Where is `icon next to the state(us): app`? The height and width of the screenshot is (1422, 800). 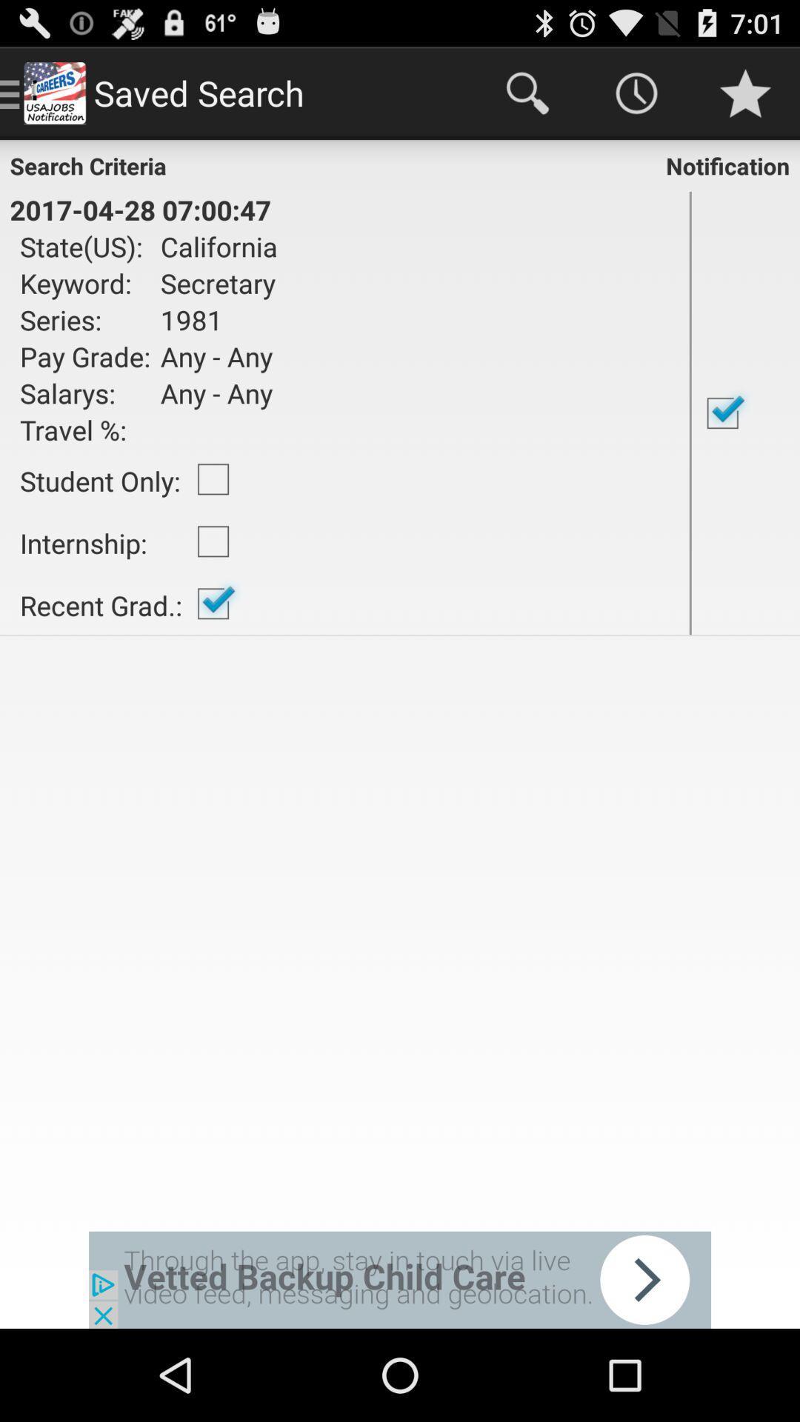
icon next to the state(us): app is located at coordinates (214, 283).